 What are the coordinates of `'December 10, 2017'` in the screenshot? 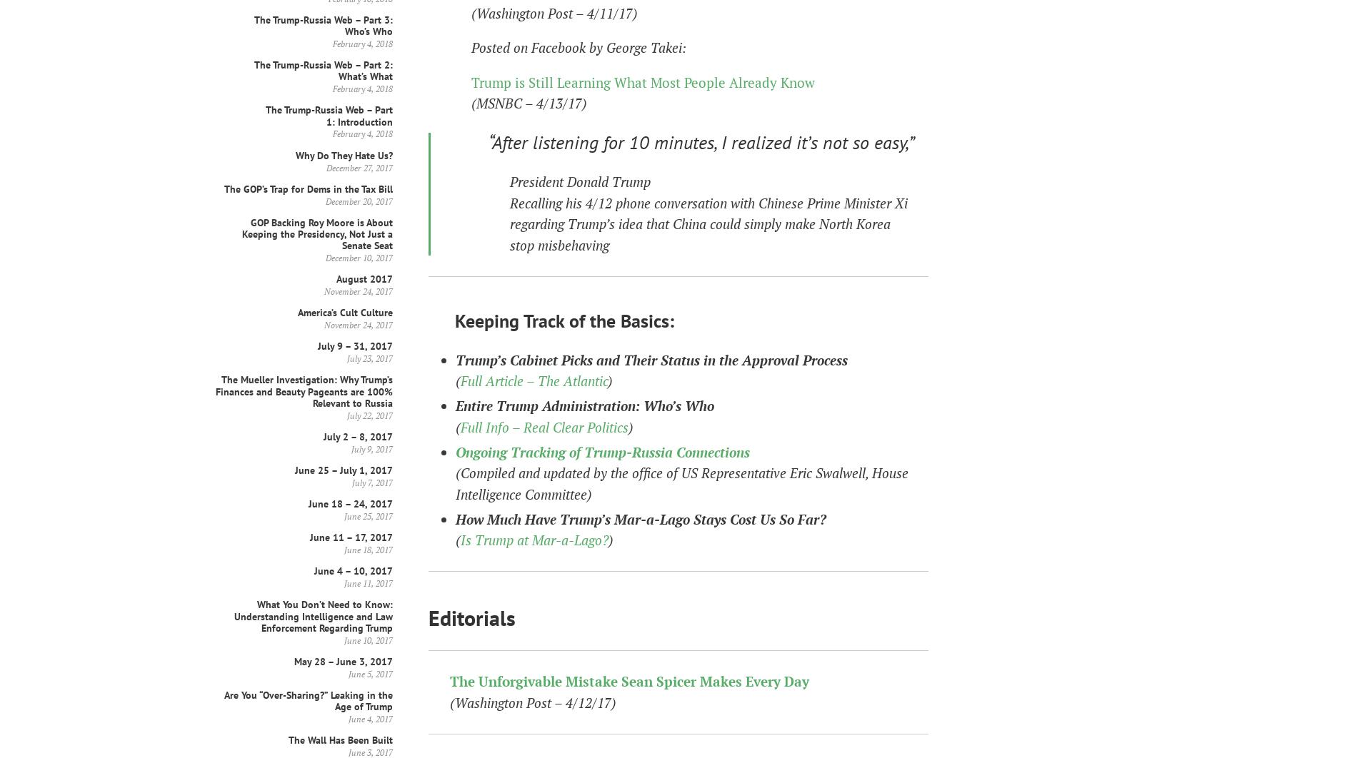 It's located at (359, 257).